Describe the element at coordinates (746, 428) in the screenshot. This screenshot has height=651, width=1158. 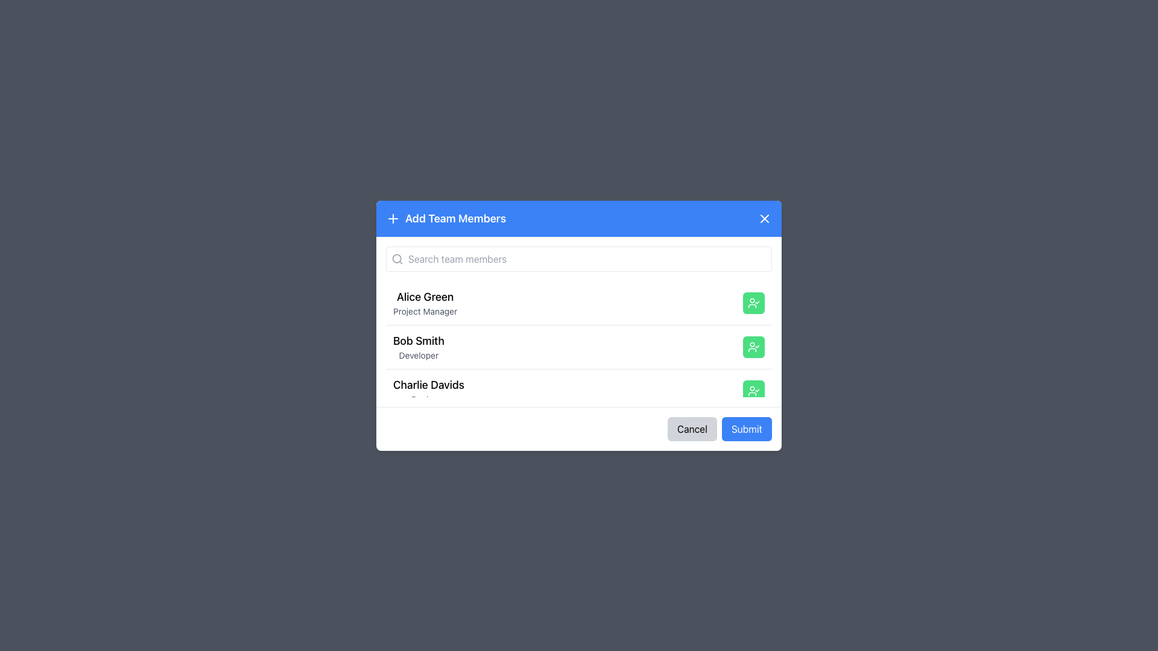
I see `the blue 'Submit' button with rounded corners to change its color` at that location.